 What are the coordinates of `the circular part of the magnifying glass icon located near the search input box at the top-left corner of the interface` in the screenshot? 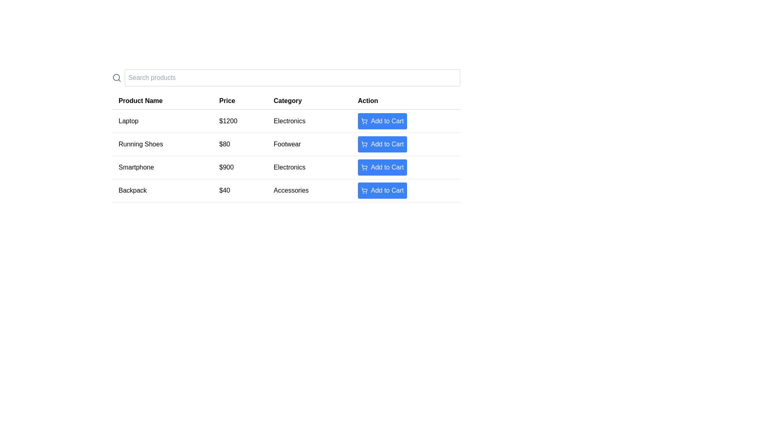 It's located at (116, 77).